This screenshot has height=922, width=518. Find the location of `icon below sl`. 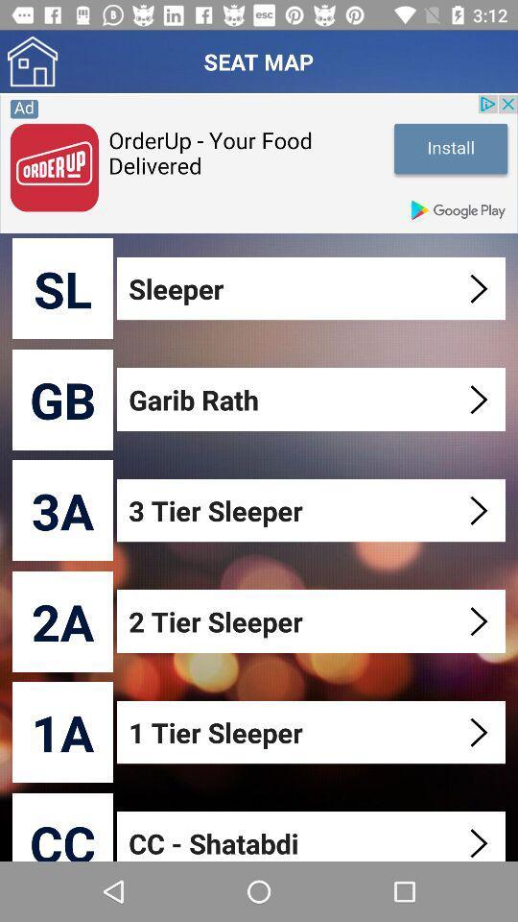

icon below sl is located at coordinates (62, 399).